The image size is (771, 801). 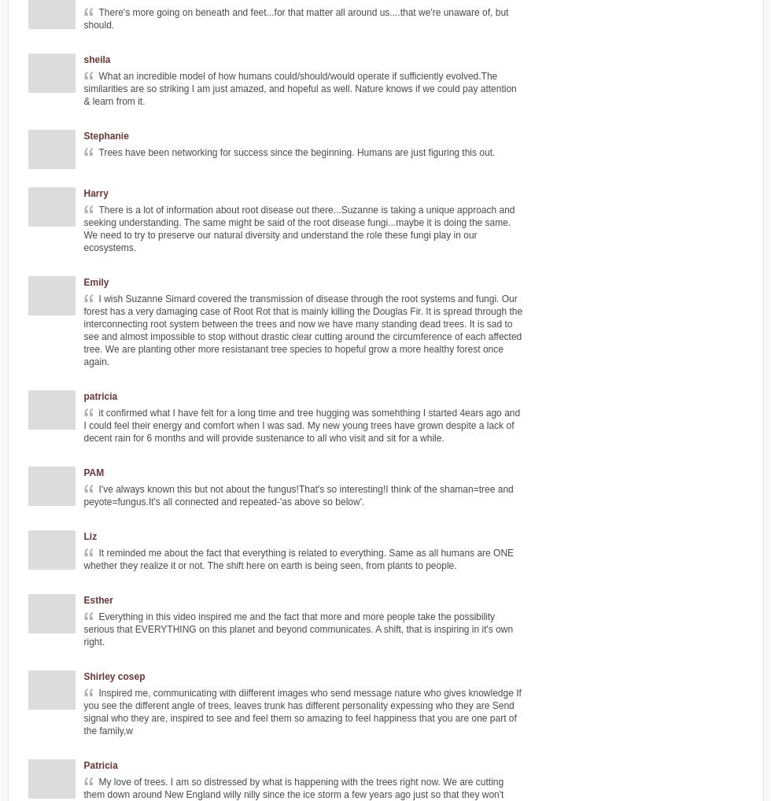 I want to click on 'There's more going on beneath and feet...for that matter all around us....that we're unaware of, but should.', so click(x=83, y=18).